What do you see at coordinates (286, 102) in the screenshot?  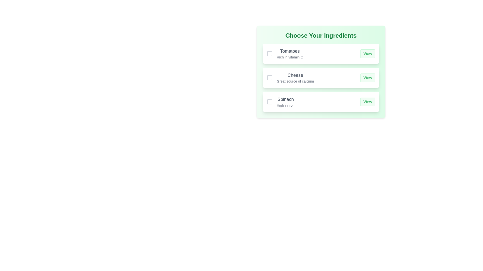 I see `text content of the Text Display that presents information about 'Spinach' and its nutritional feature 'High in iron' in the third row of the ingredient selection interface` at bounding box center [286, 102].